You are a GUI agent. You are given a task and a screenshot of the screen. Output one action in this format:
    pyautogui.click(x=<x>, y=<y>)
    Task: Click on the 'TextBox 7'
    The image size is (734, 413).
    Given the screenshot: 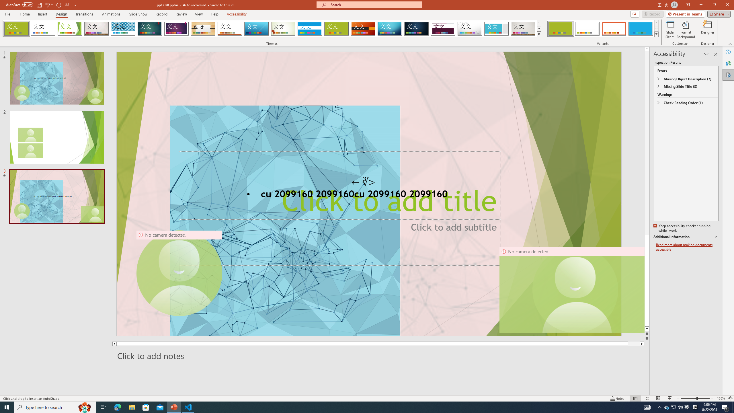 What is the action you would take?
    pyautogui.click(x=363, y=181)
    